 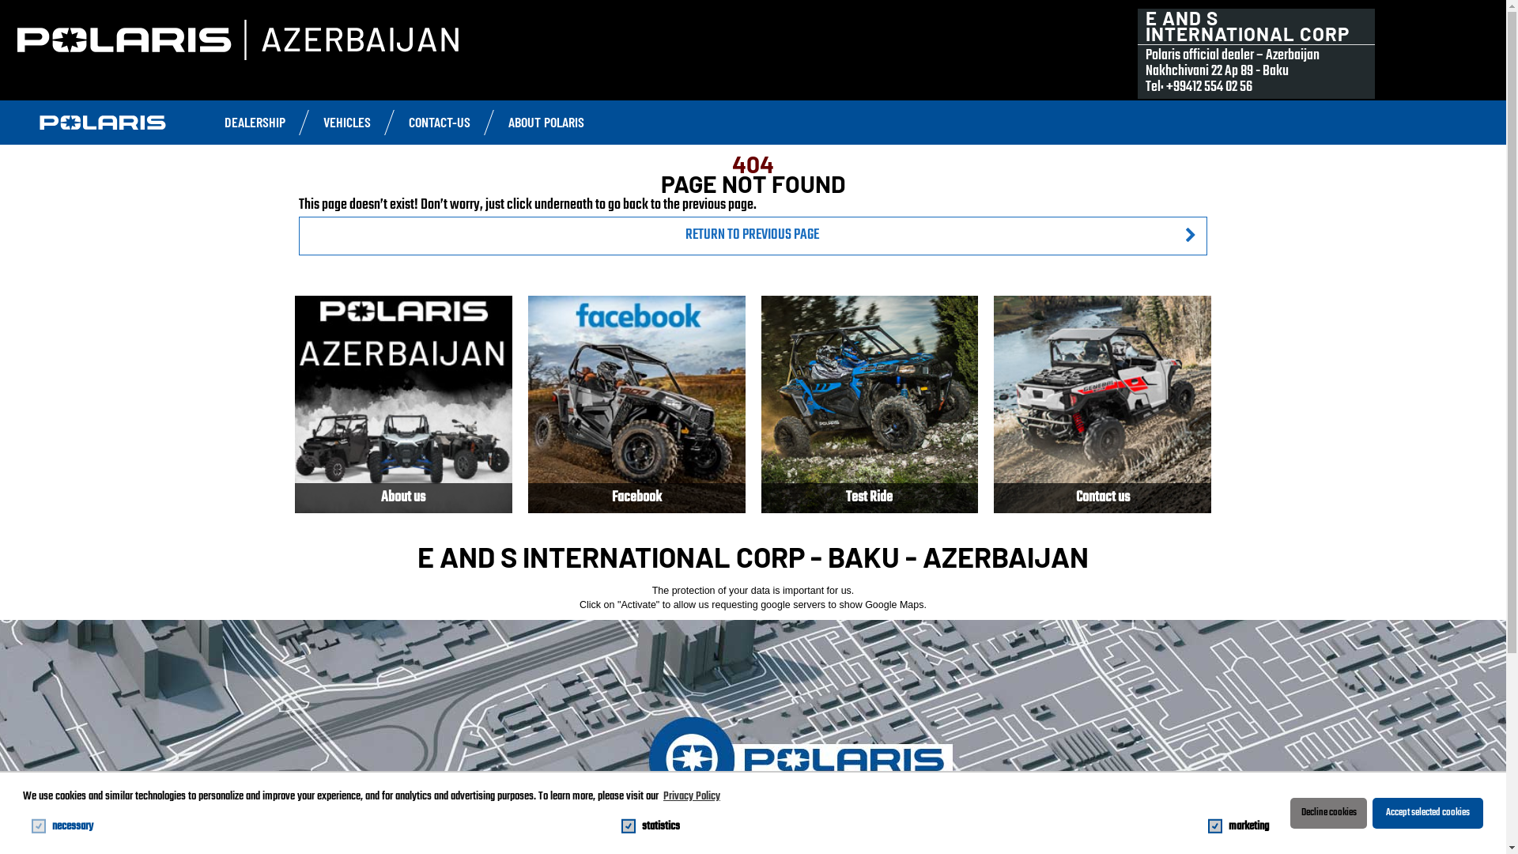 I want to click on 'DEALERSHIP', so click(x=255, y=121).